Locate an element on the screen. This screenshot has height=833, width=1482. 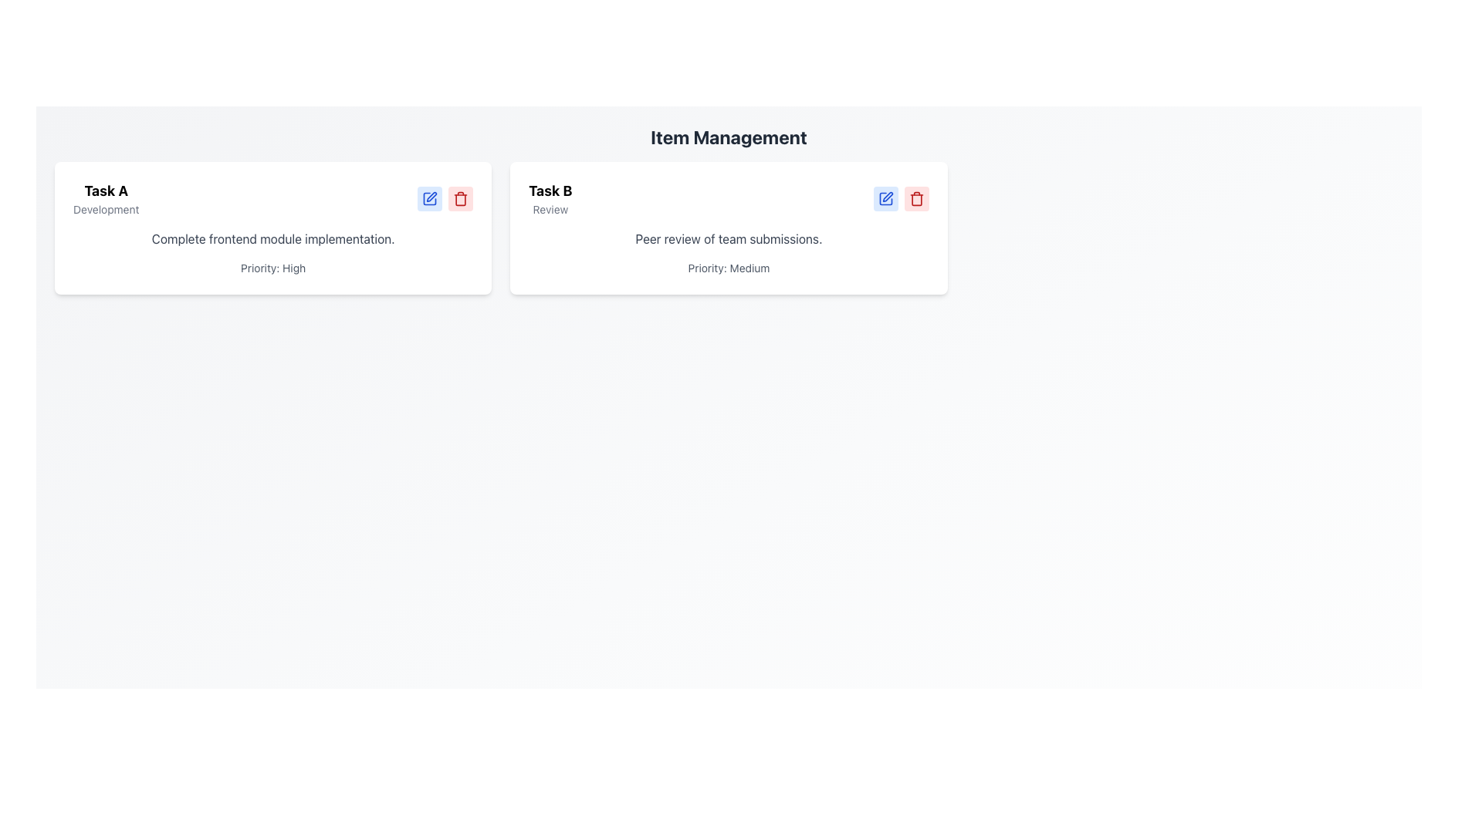
the button located in the upper-right section of the card labeled 'Task A' is located at coordinates (430, 198).